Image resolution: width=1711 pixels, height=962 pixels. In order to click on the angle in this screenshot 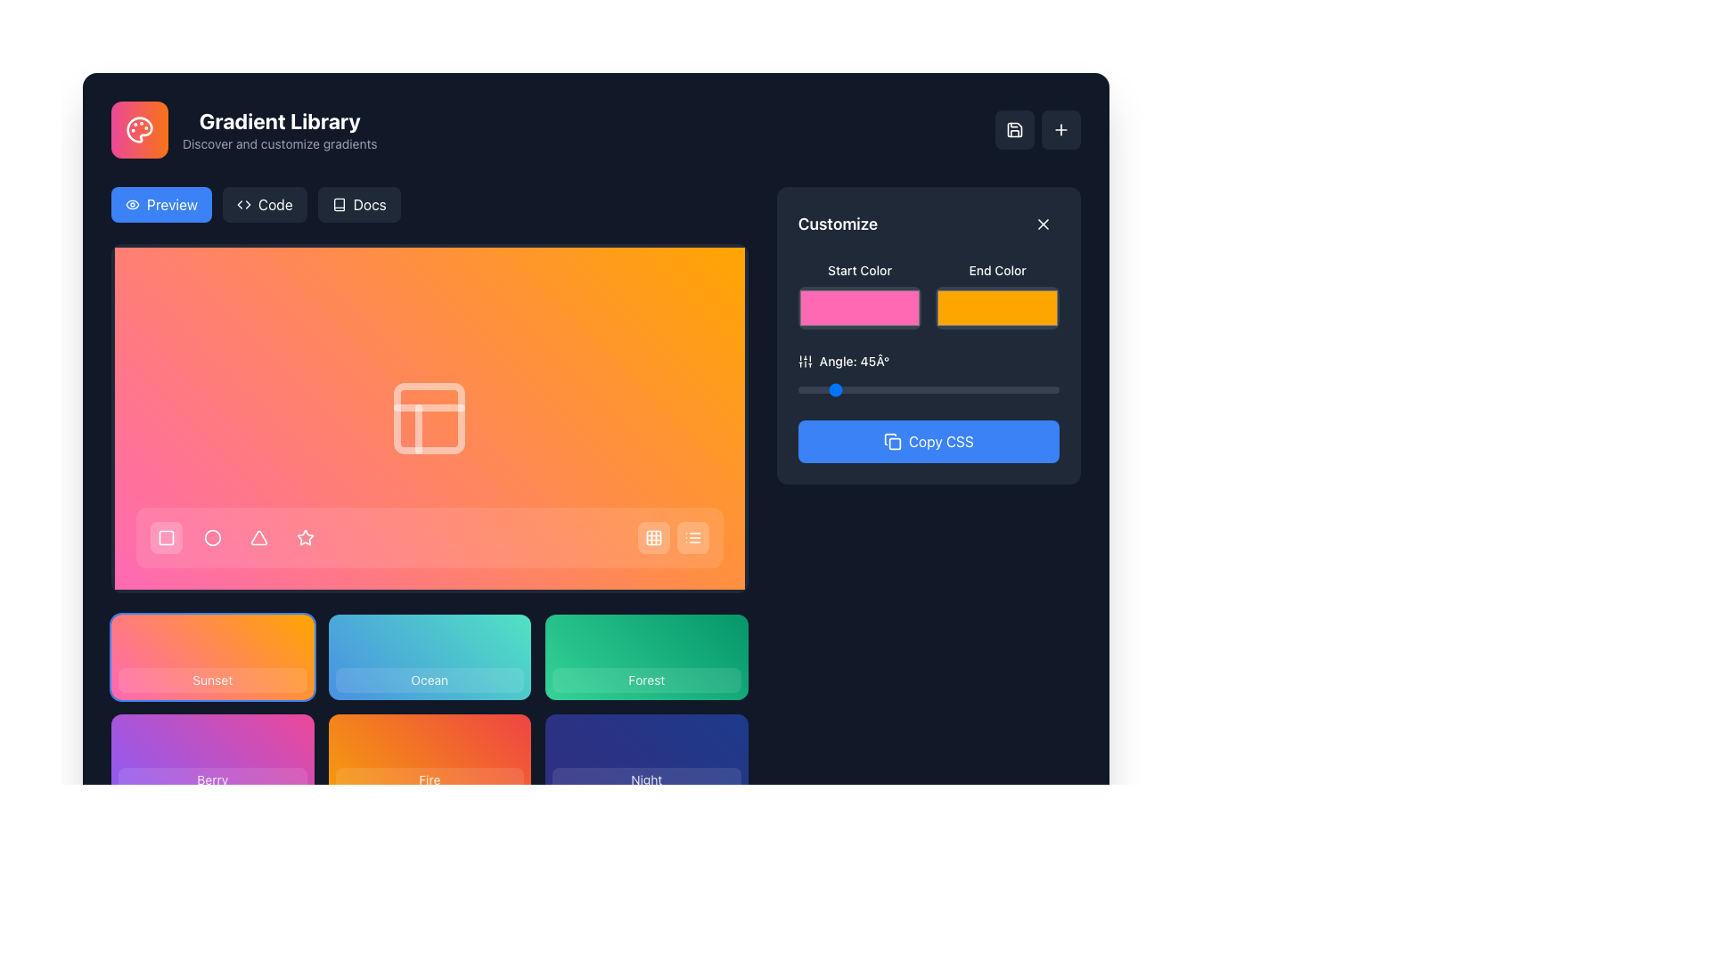, I will do `click(914, 389)`.